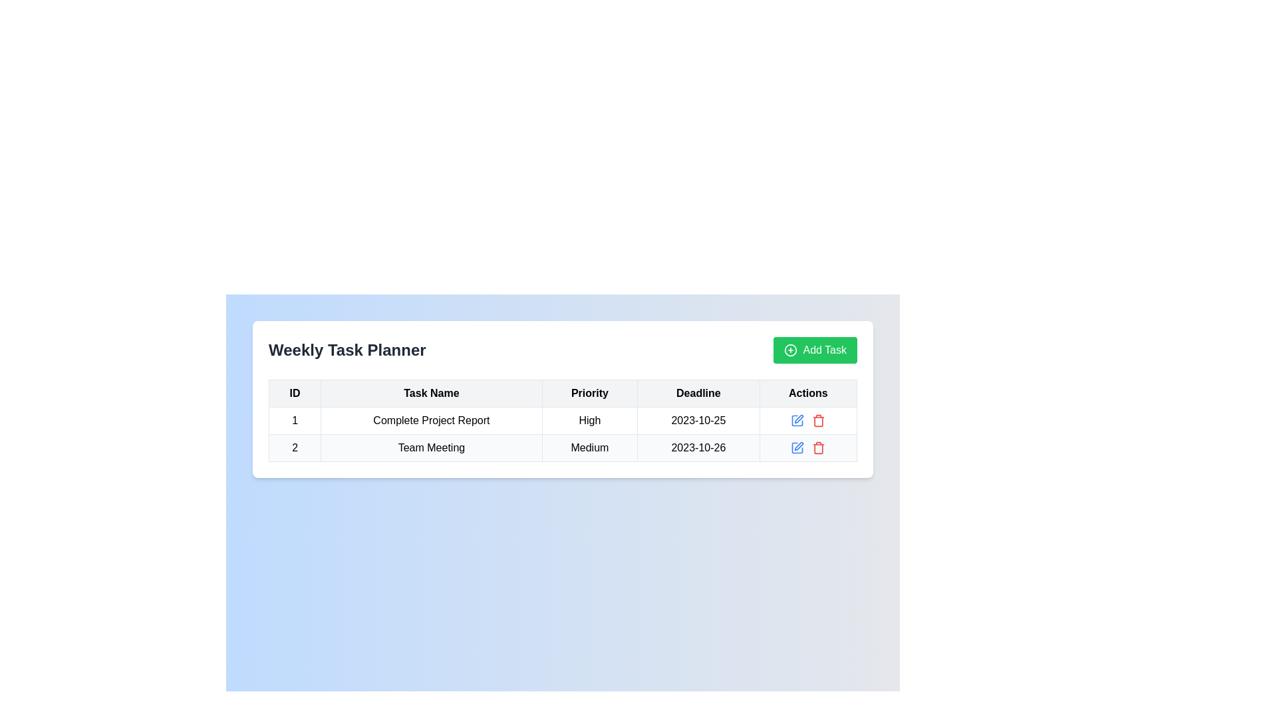 The height and width of the screenshot is (718, 1277). What do you see at coordinates (818, 420) in the screenshot?
I see `the small red trash can icon in the 'Actions' column of the second row in the task table` at bounding box center [818, 420].